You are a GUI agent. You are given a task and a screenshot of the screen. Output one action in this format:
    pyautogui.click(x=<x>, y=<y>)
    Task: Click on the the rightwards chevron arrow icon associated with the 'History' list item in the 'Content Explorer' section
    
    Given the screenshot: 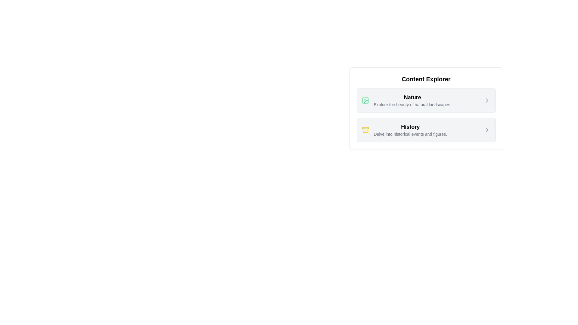 What is the action you would take?
    pyautogui.click(x=487, y=130)
    